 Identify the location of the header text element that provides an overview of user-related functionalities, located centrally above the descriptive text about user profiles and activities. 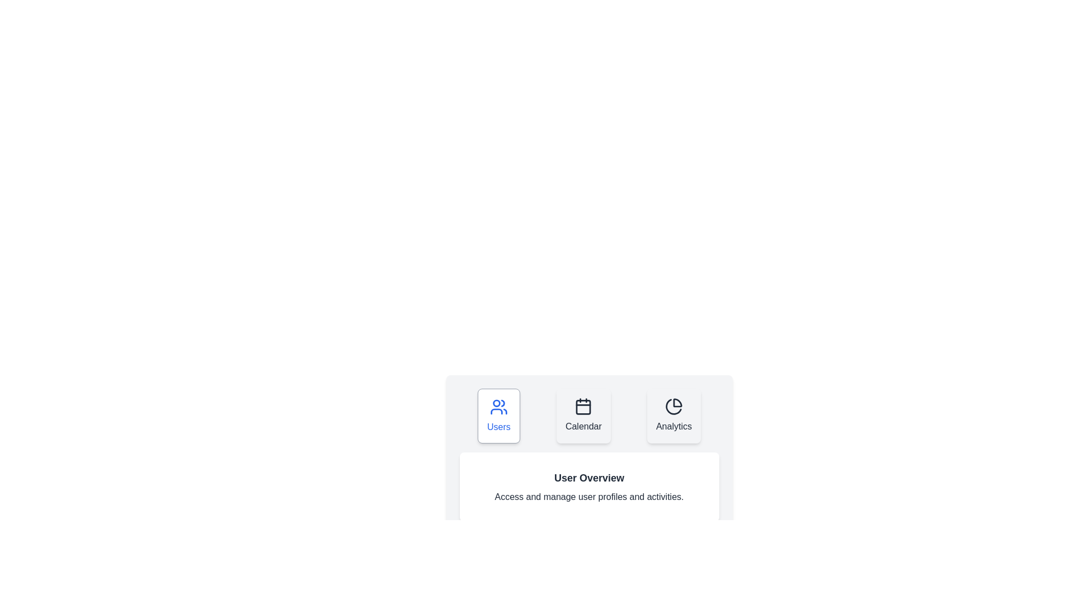
(588, 478).